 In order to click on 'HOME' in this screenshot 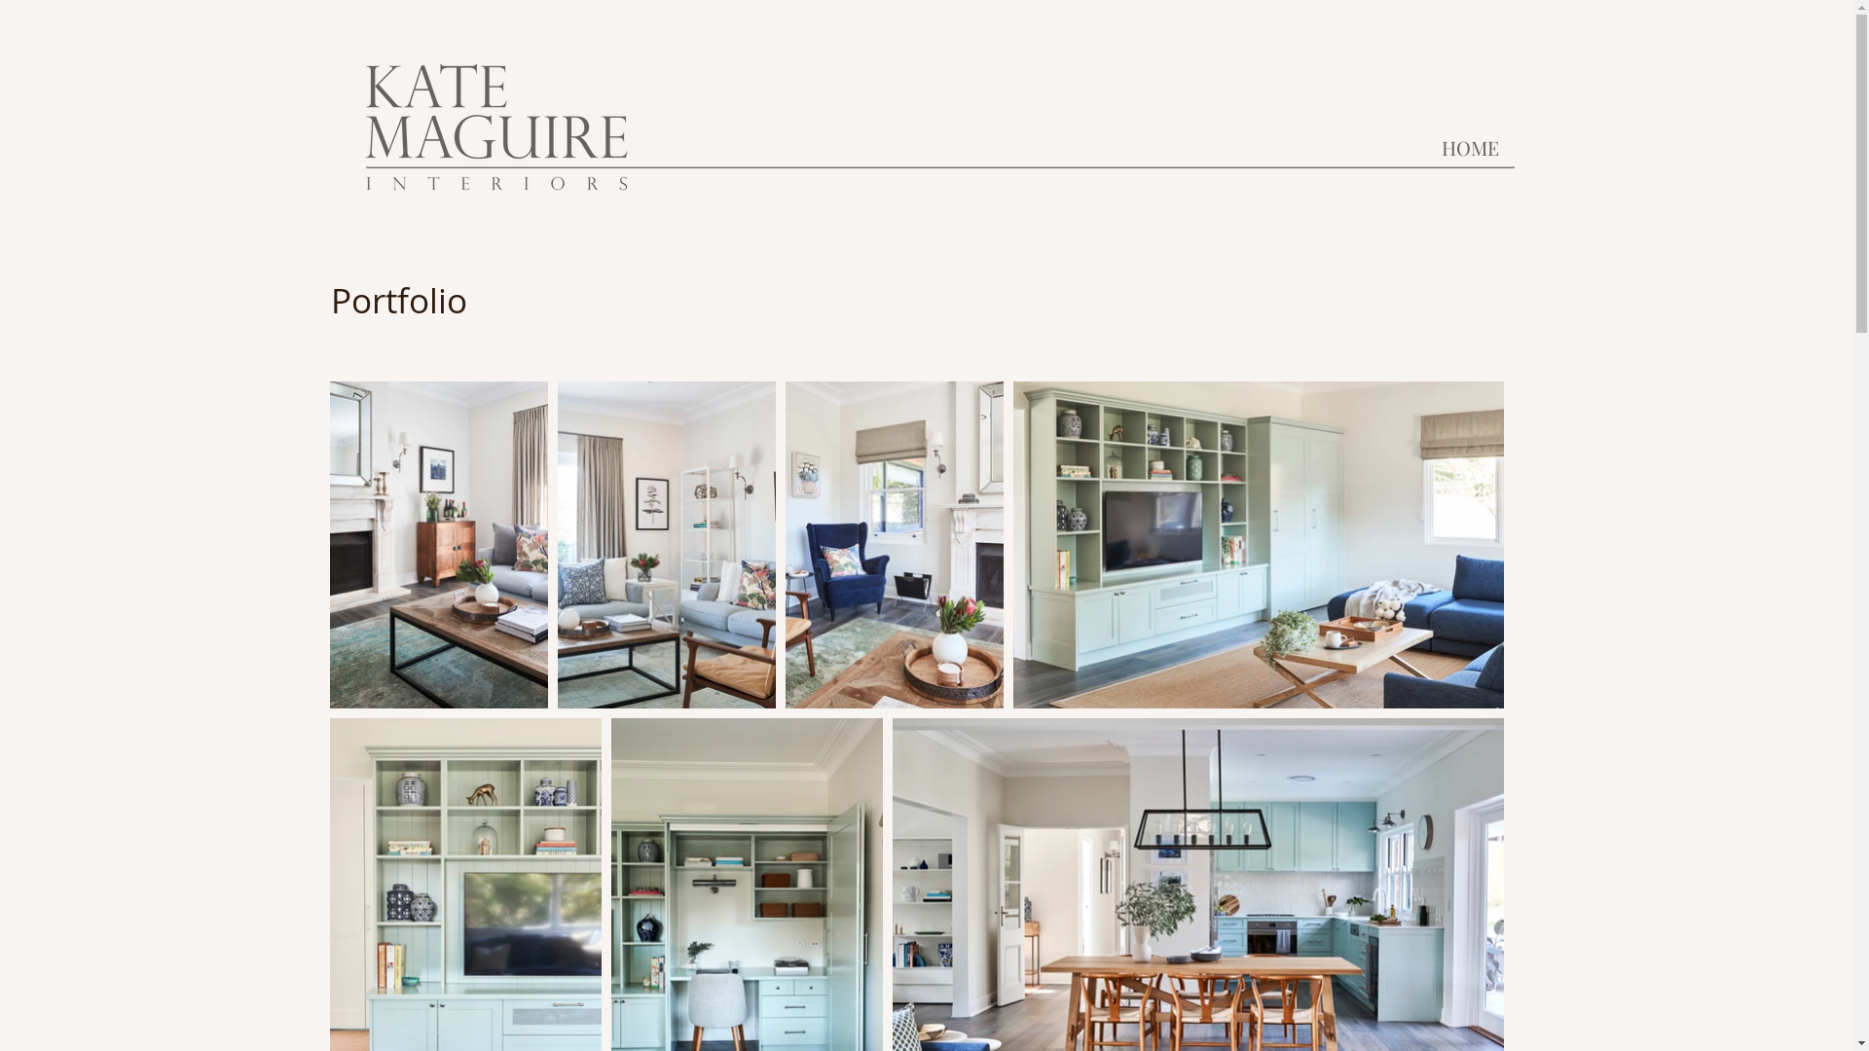, I will do `click(1470, 146)`.